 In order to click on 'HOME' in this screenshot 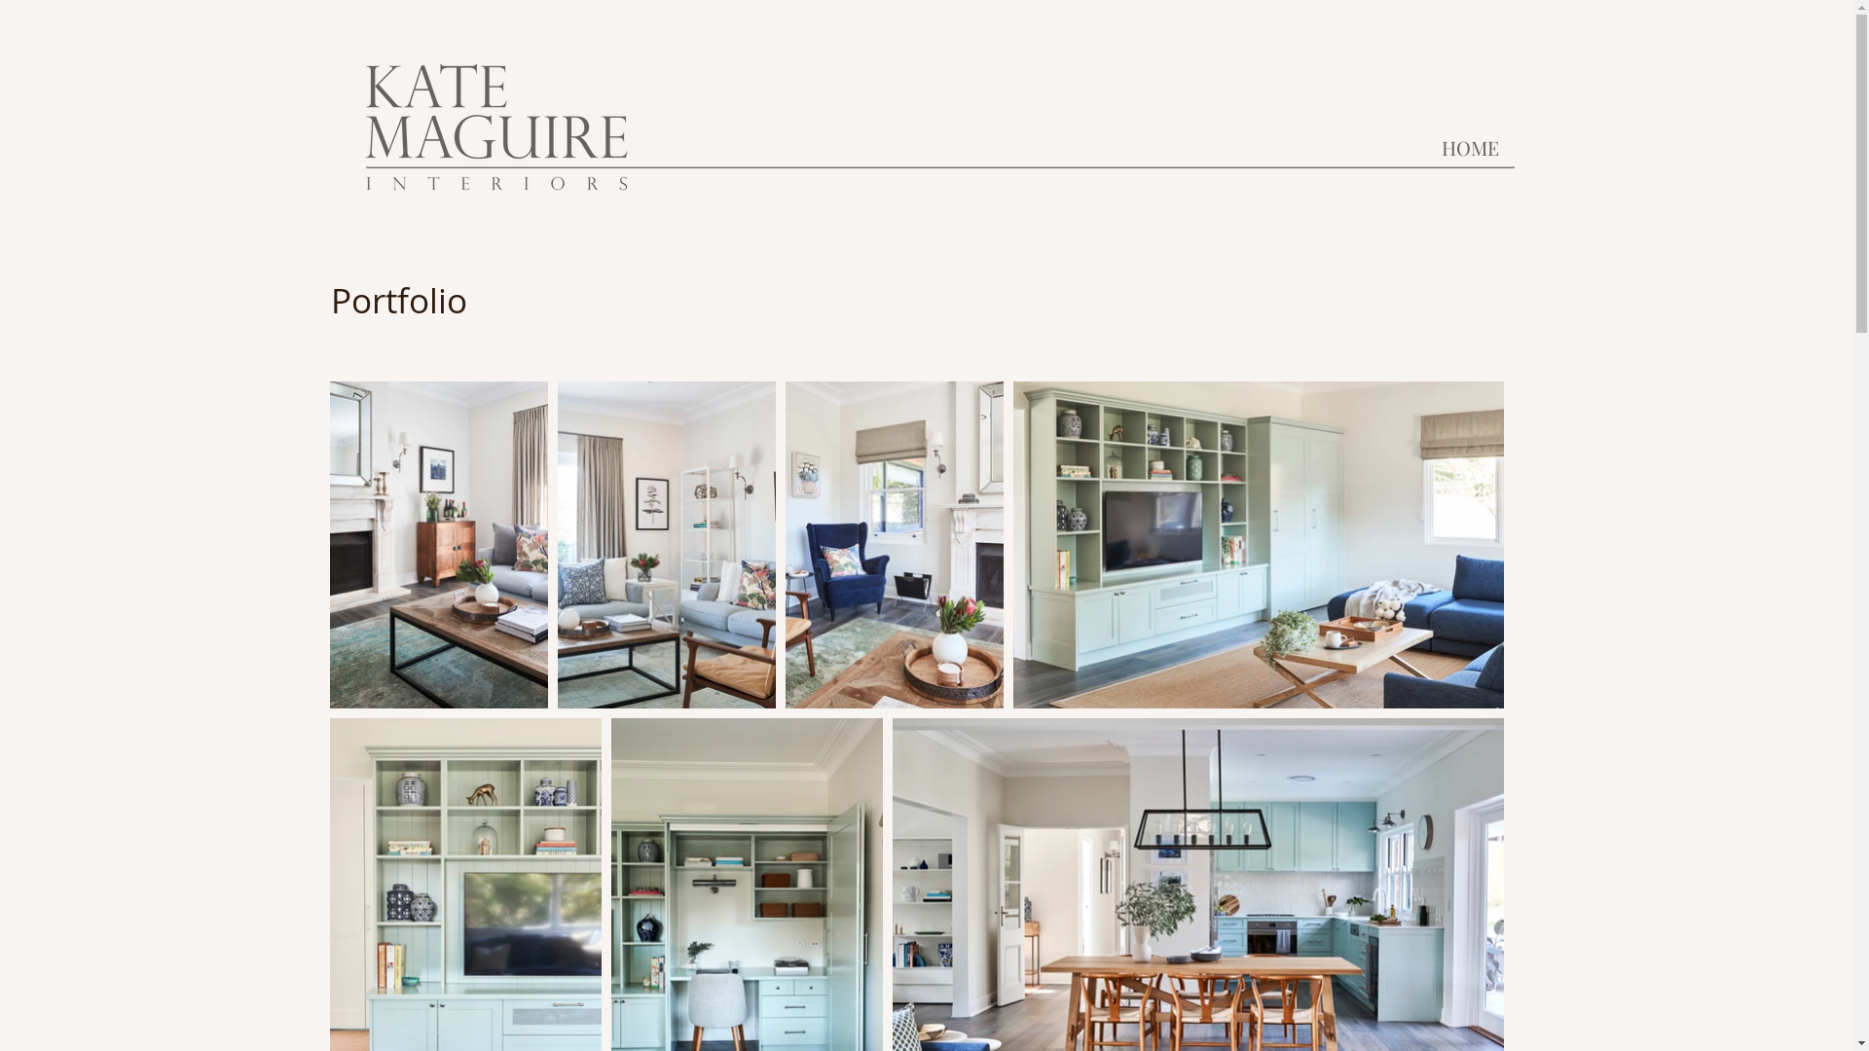, I will do `click(1470, 146)`.